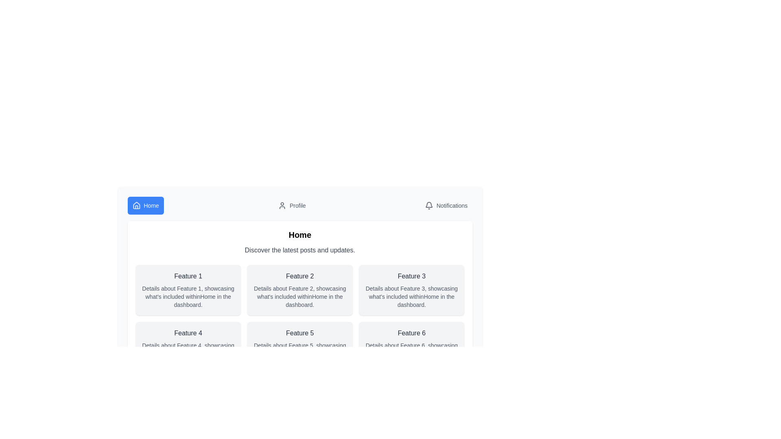 The height and width of the screenshot is (439, 781). I want to click on the Home navigation button located in the top-left corner of the interface, so click(146, 205).